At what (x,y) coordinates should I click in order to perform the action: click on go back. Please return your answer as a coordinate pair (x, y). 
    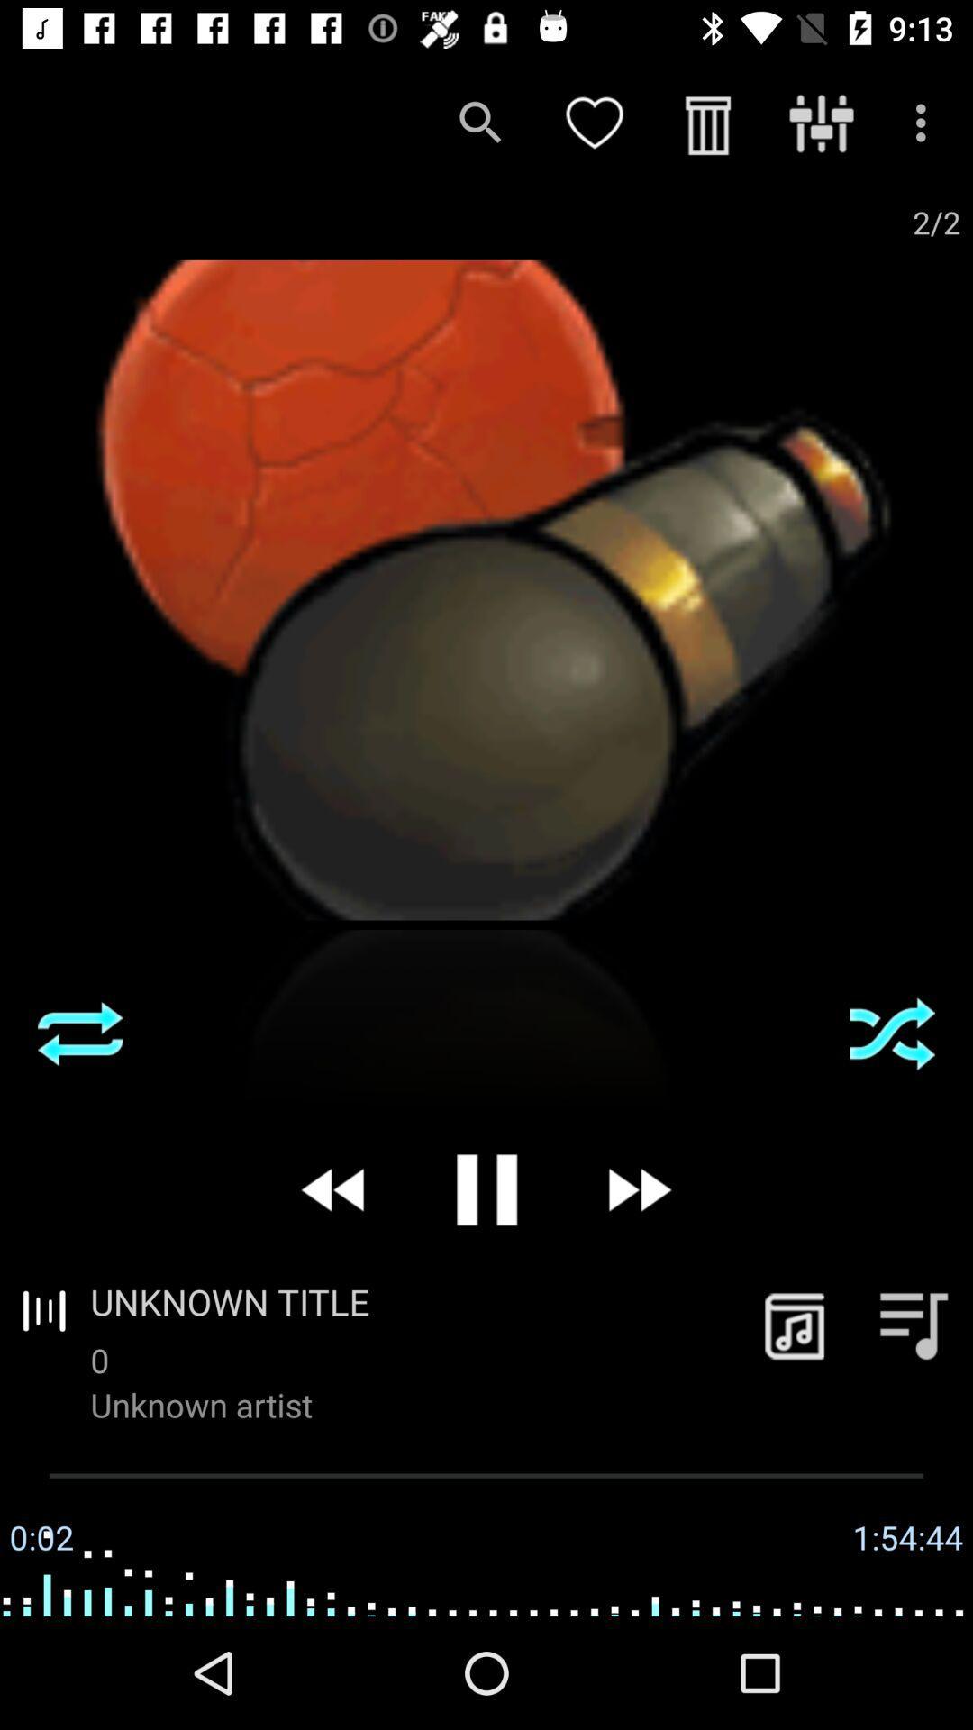
    Looking at the image, I should click on (334, 1189).